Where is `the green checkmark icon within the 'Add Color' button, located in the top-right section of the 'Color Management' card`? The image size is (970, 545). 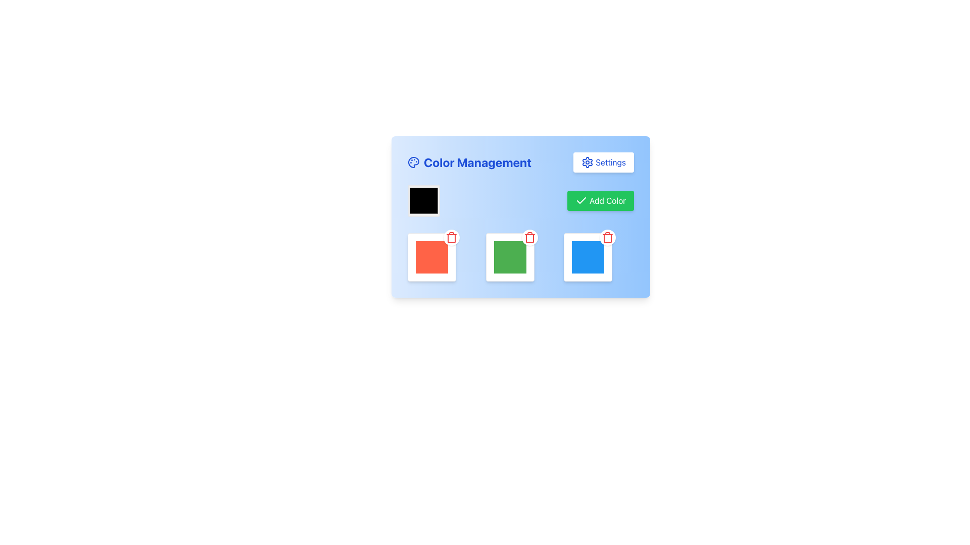
the green checkmark icon within the 'Add Color' button, located in the top-right section of the 'Color Management' card is located at coordinates (581, 200).